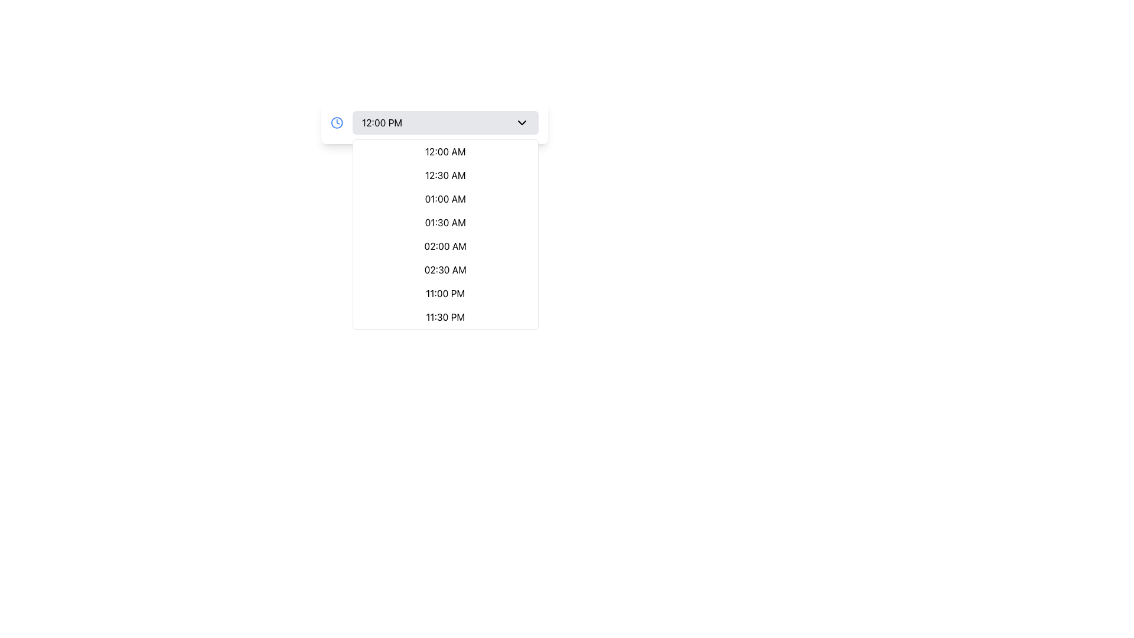  Describe the element at coordinates (444, 123) in the screenshot. I see `the Dropdown menu` at that location.